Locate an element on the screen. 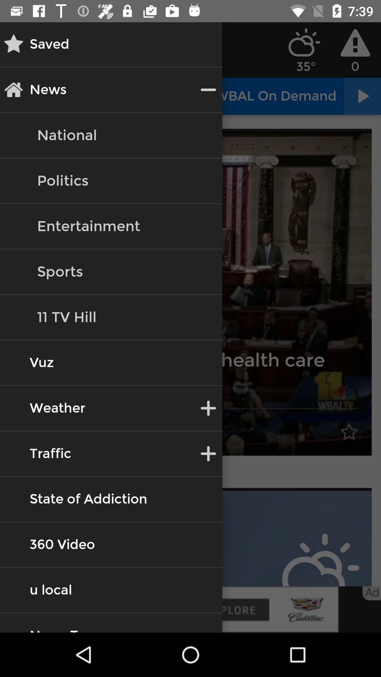  the star symbol on the image is located at coordinates (349, 432).